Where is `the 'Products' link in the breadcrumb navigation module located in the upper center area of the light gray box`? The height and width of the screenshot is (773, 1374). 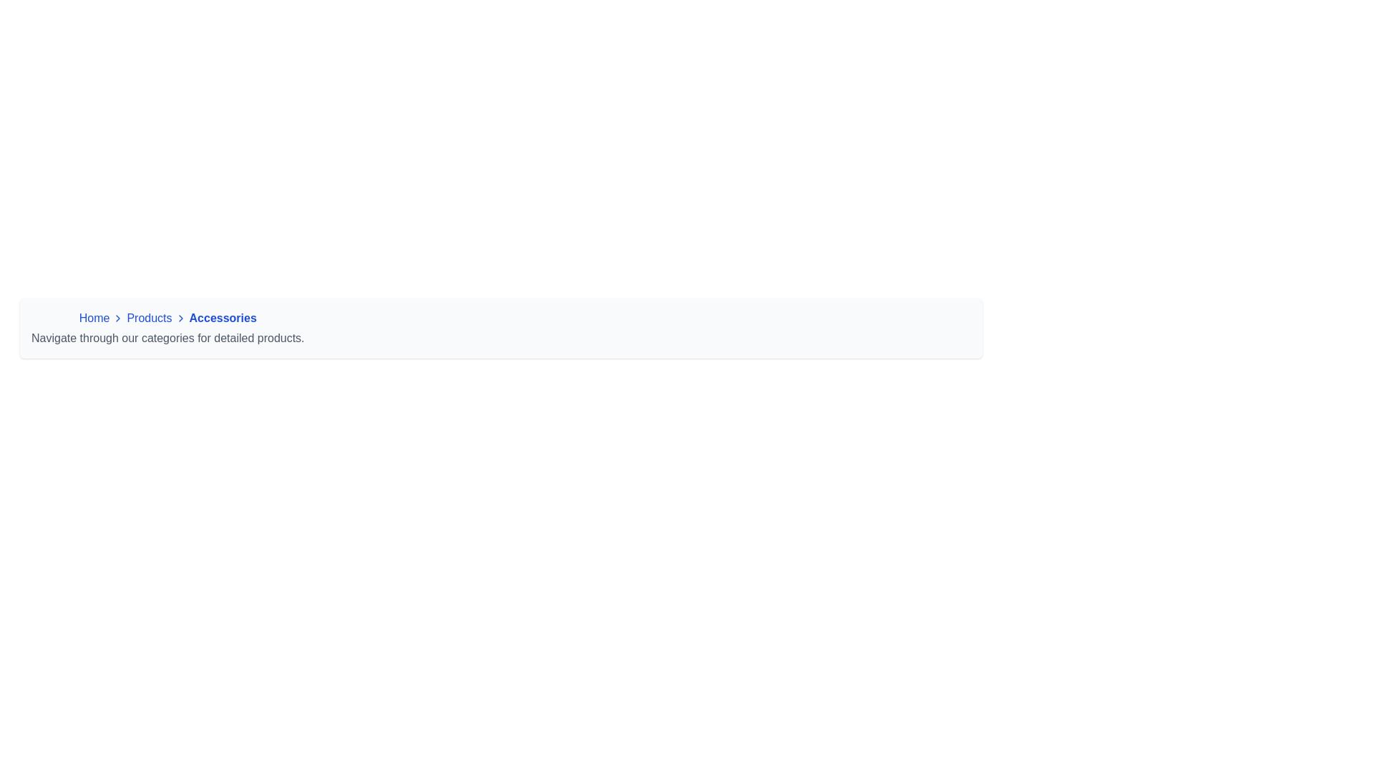
the 'Products' link in the breadcrumb navigation module located in the upper center area of the light gray box is located at coordinates (167, 329).